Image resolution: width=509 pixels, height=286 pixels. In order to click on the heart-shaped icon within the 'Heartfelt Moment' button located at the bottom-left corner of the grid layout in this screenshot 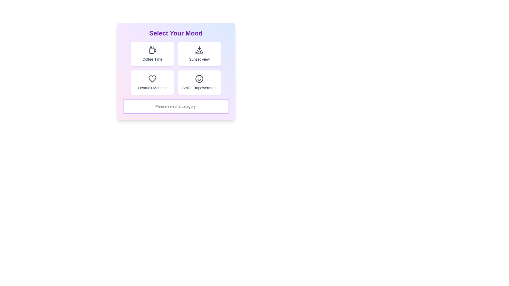, I will do `click(152, 79)`.